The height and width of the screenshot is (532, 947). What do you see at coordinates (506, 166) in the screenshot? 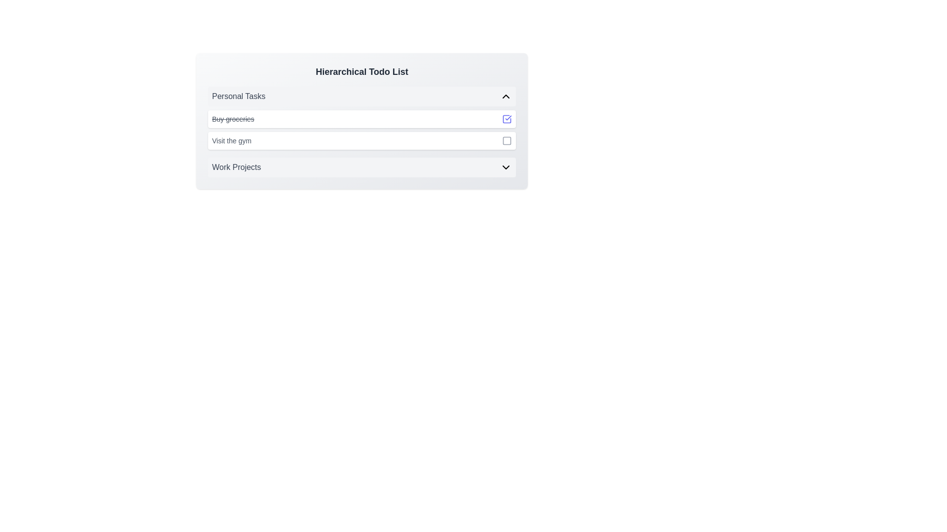
I see `the Chevron toggle button icon located at the far right of the 'Work Projects' row to provide visual feedback` at bounding box center [506, 166].